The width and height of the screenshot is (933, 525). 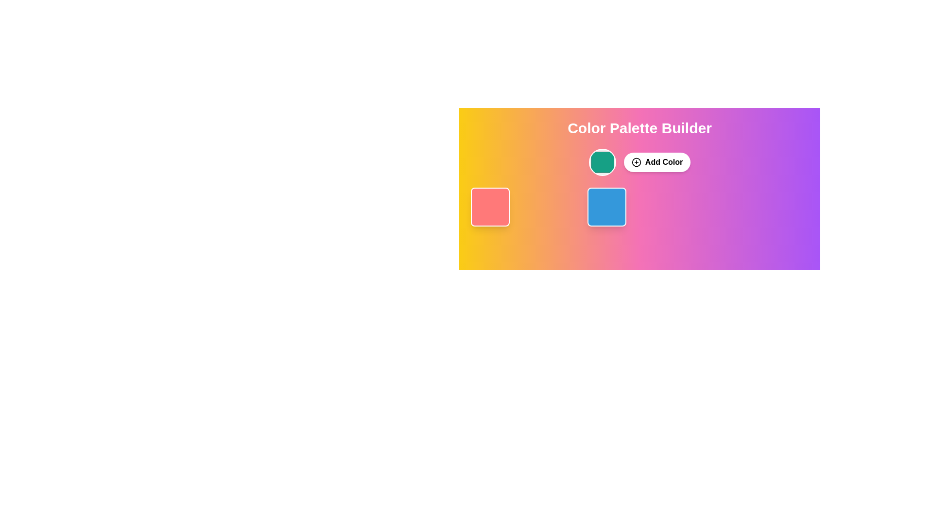 What do you see at coordinates (657, 162) in the screenshot?
I see `the 'Add Color' button which has a rounded shape, white background, bold black text, and is positioned to the right of the circular color selector` at bounding box center [657, 162].